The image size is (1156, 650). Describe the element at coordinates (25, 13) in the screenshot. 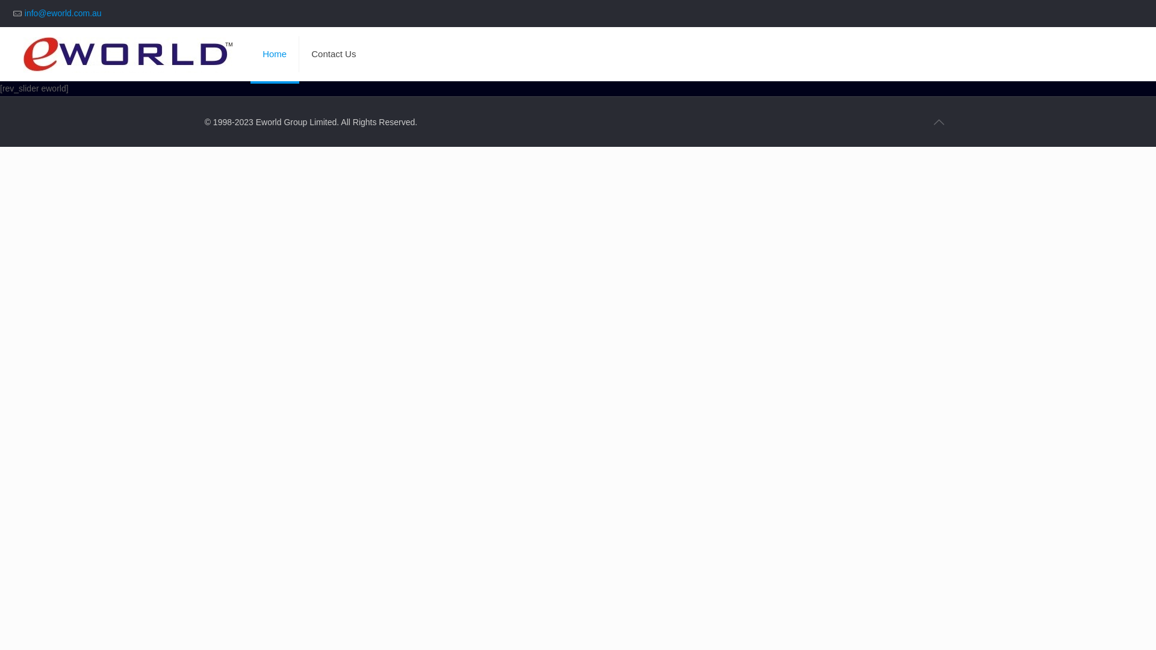

I see `'info@eworld.com.au'` at that location.